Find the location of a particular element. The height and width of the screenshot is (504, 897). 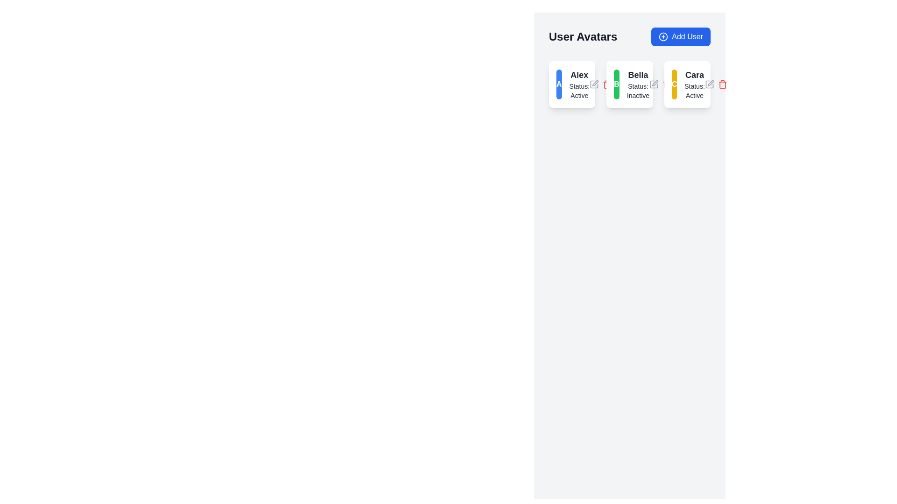

text label indicating the function of the button that adds a user, located in the top-right corner of the user interface is located at coordinates (687, 36).